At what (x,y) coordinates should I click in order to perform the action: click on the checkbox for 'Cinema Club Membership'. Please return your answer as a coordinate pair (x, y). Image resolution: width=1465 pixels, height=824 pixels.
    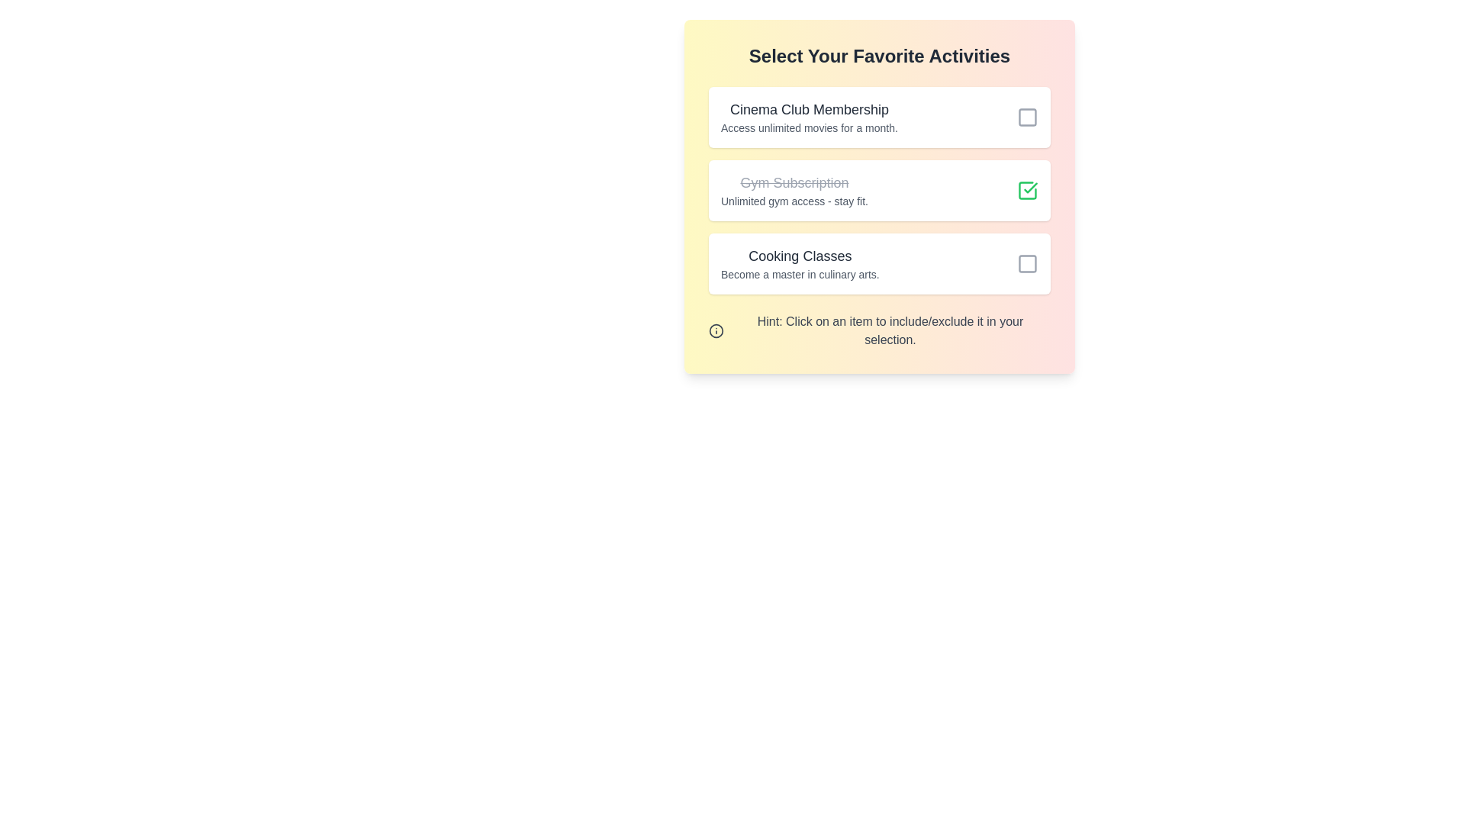
    Looking at the image, I should click on (1028, 117).